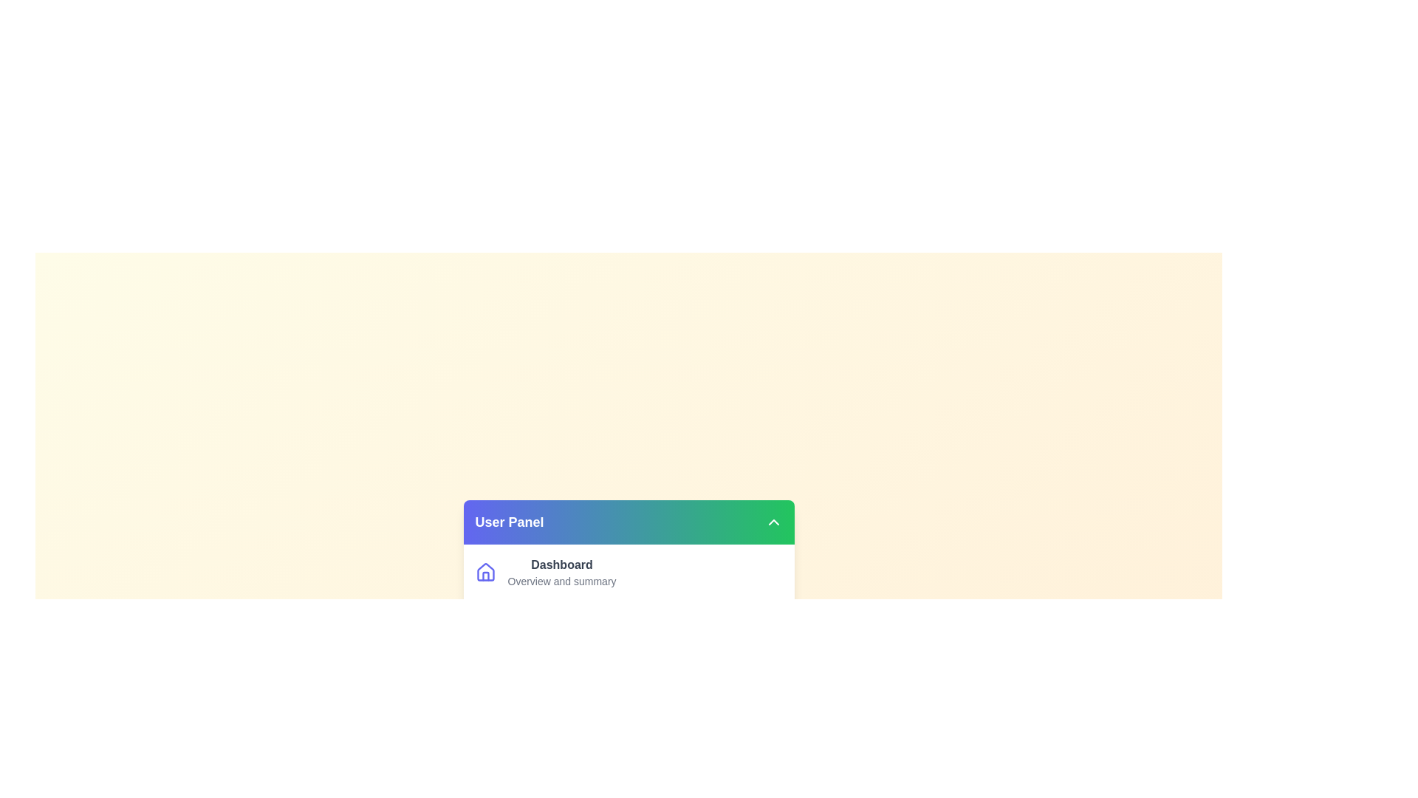  What do you see at coordinates (628, 786) in the screenshot?
I see `the footer area to read the message` at bounding box center [628, 786].